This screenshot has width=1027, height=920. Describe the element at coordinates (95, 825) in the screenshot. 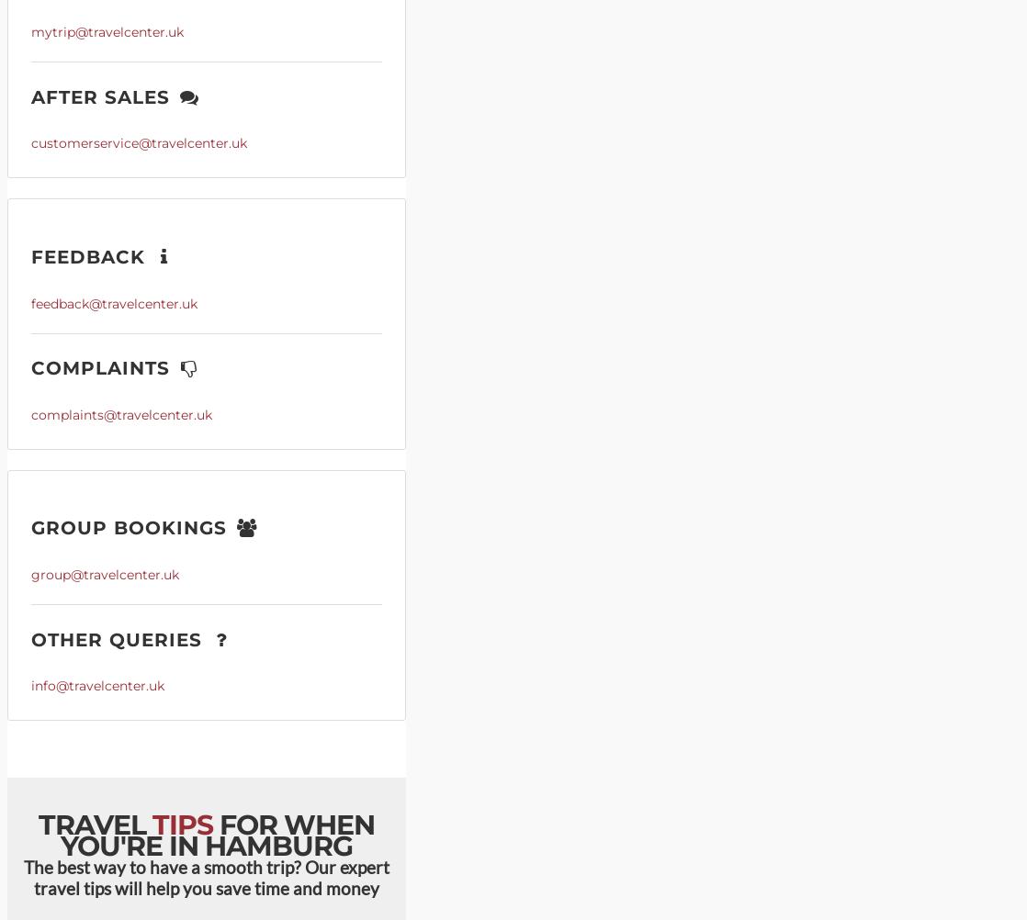

I see `'Travel'` at that location.